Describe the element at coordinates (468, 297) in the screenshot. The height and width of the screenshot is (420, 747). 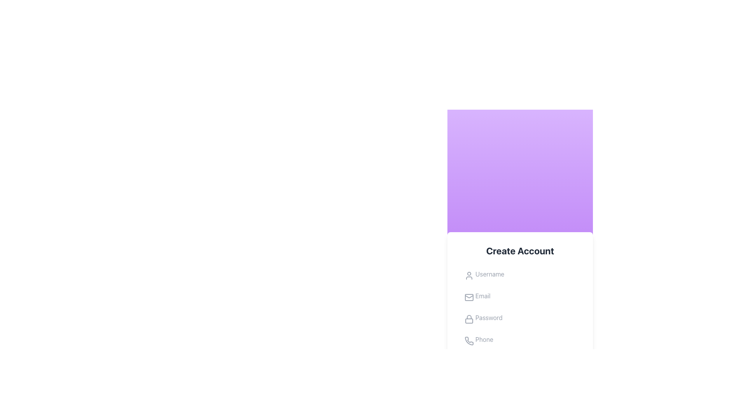
I see `the decorative icon that complements the associated email input field, which is positioned near the top-left corner of the layout and aligns with the 'Email' label text` at that location.